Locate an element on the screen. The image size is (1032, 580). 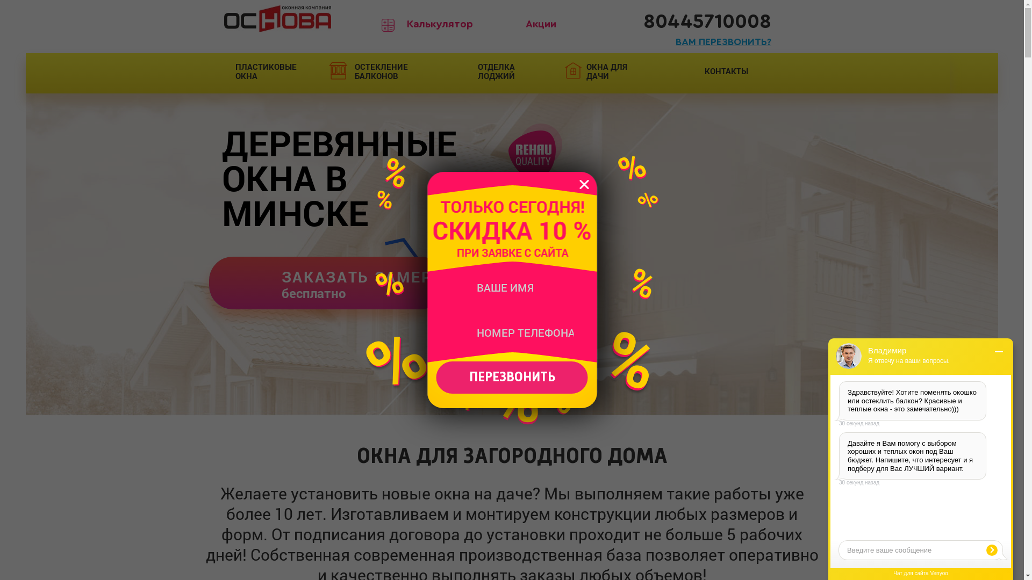
'80445710008' is located at coordinates (707, 21).